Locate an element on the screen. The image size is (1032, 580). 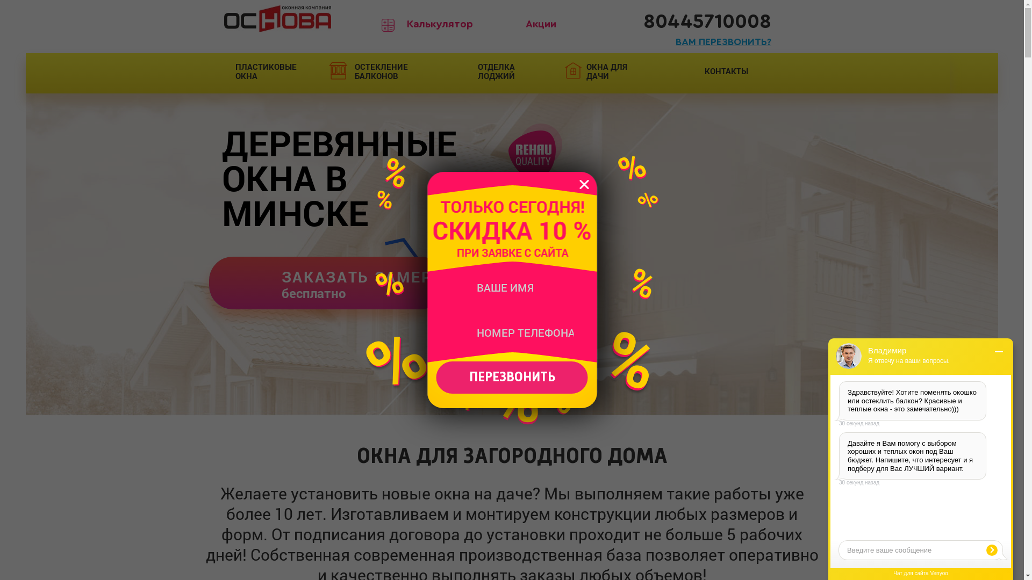
'80445710008' is located at coordinates (707, 21).